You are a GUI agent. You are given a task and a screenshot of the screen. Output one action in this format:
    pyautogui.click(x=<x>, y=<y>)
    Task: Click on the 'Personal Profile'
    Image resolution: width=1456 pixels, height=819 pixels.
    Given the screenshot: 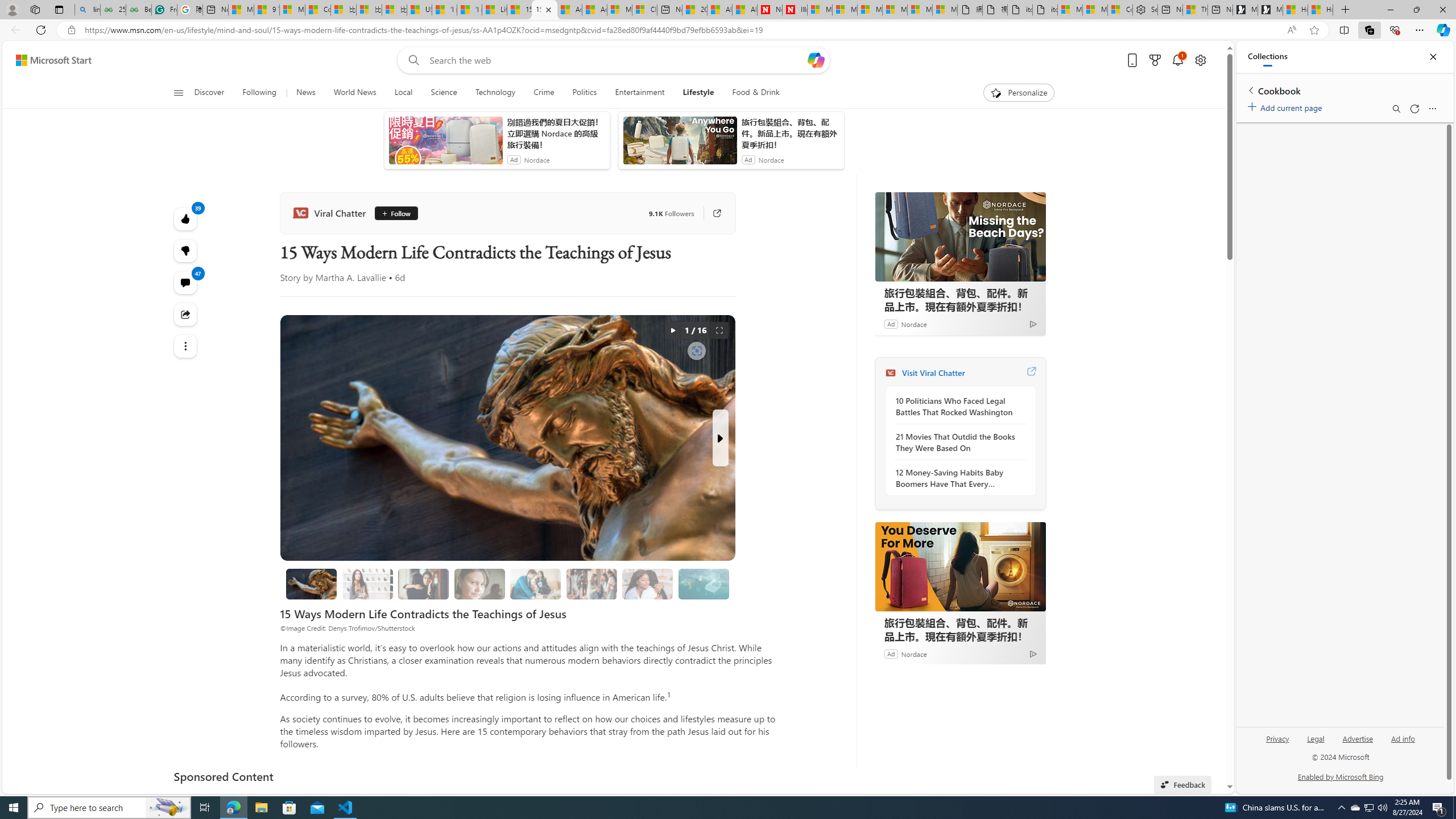 What is the action you would take?
    pyautogui.click(x=11, y=9)
    